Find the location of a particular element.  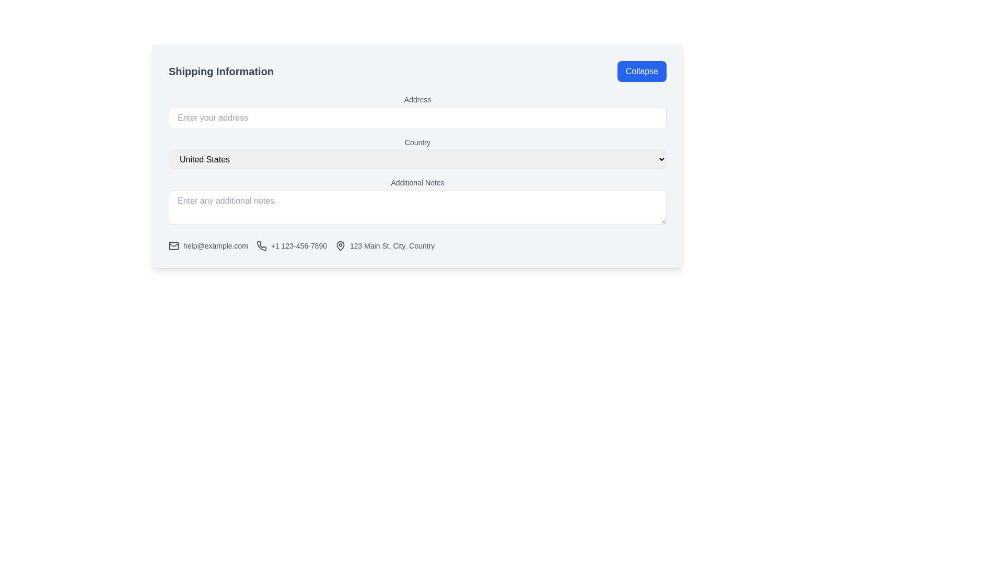

the dropdown menu for country selection located below the 'Address' input box and above the 'Additional Notes' input area is located at coordinates (417, 153).